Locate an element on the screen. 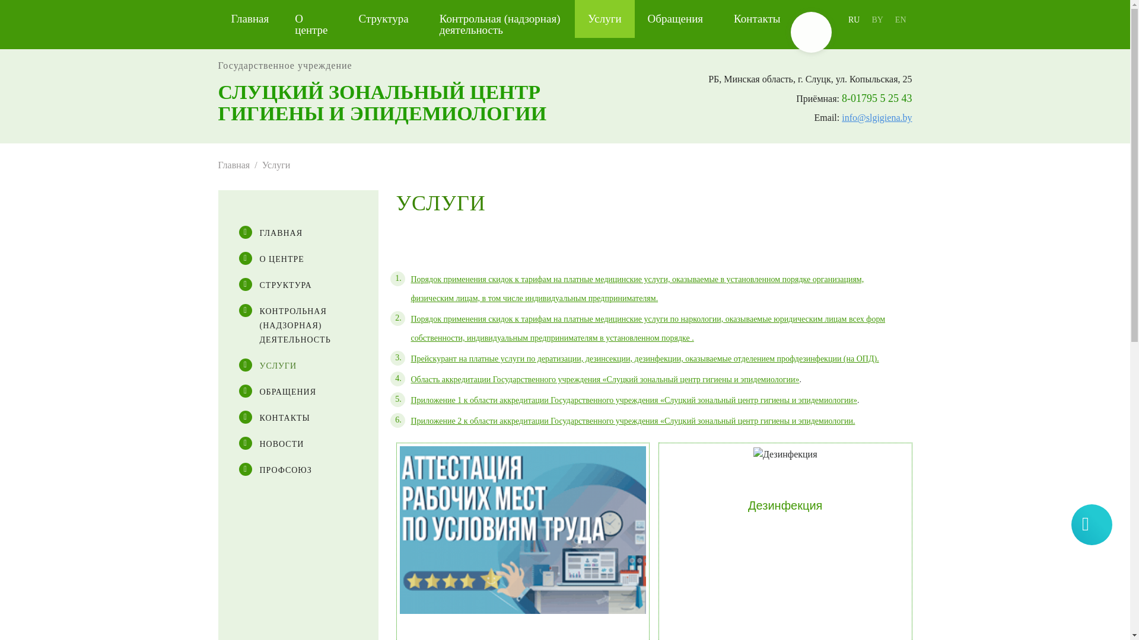 Image resolution: width=1139 pixels, height=640 pixels. '8-01795 5 25 43' is located at coordinates (877, 97).